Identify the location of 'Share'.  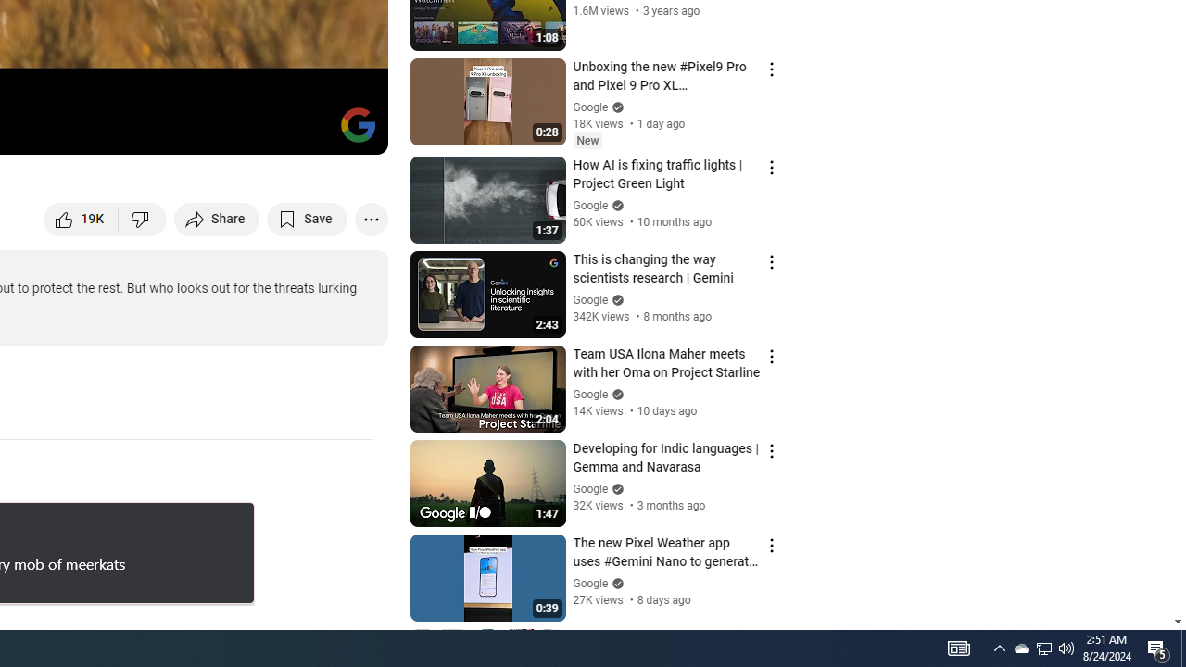
(217, 218).